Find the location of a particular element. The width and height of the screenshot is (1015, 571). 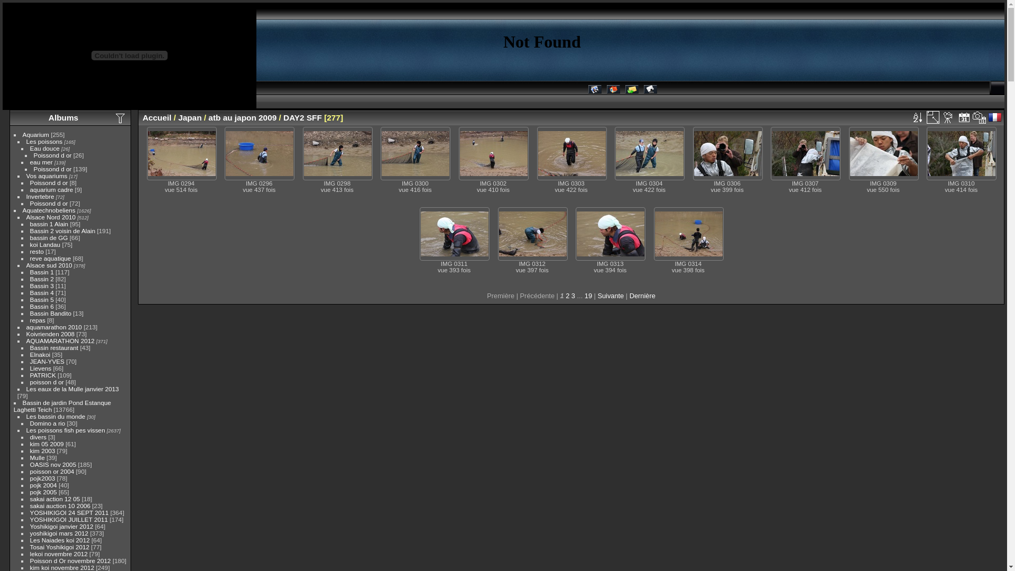

'resto' is located at coordinates (37, 251).